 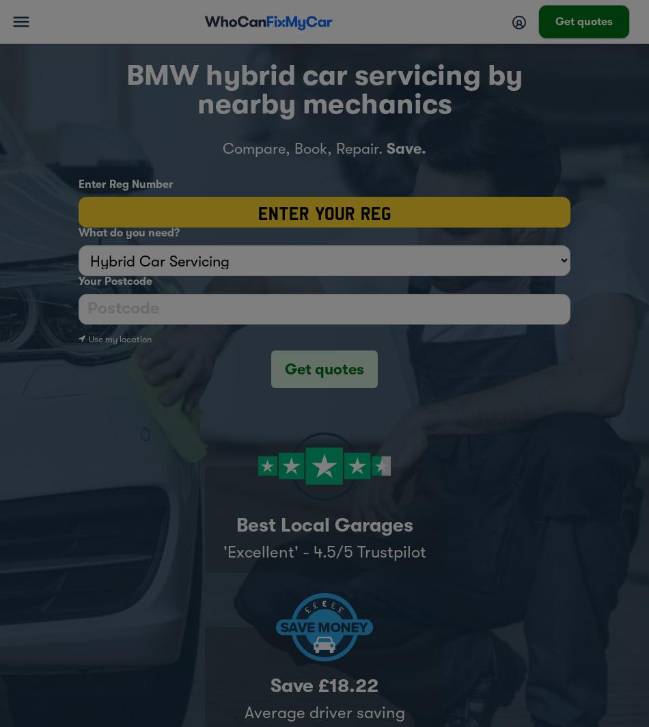 I want to click on 'Save.', so click(x=406, y=148).